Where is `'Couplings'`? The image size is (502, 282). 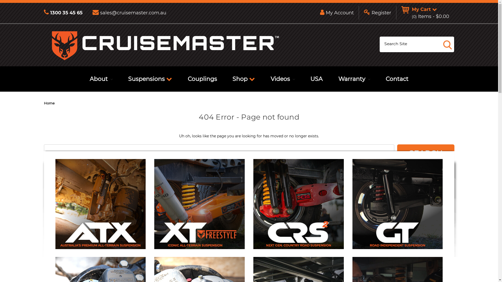 'Couplings' is located at coordinates (202, 79).